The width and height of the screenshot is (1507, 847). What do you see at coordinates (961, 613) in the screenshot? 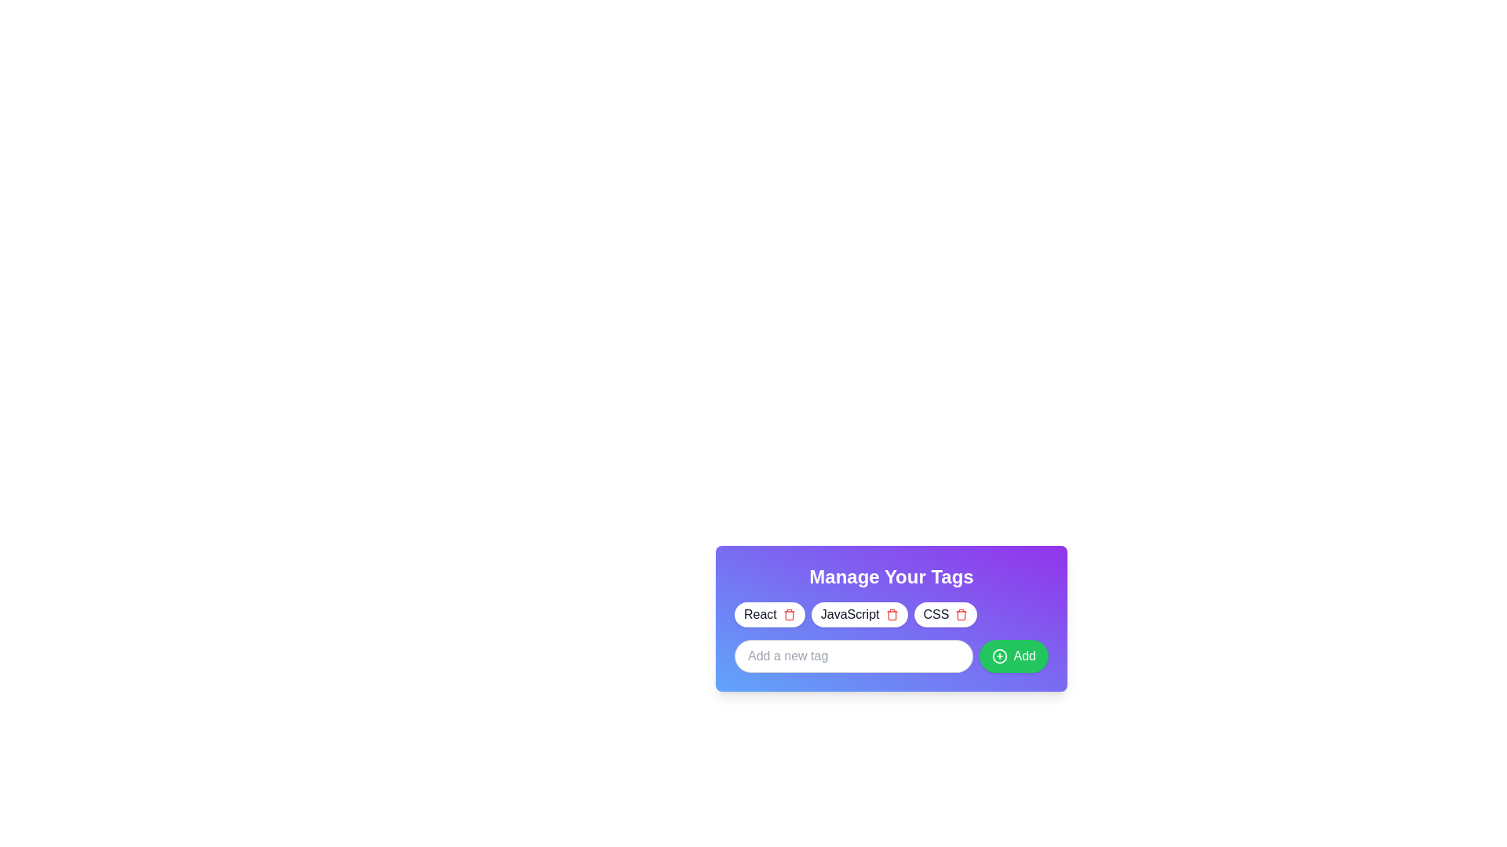
I see `the red trash bin icon button located to the right of the 'CSS' text label` at bounding box center [961, 613].